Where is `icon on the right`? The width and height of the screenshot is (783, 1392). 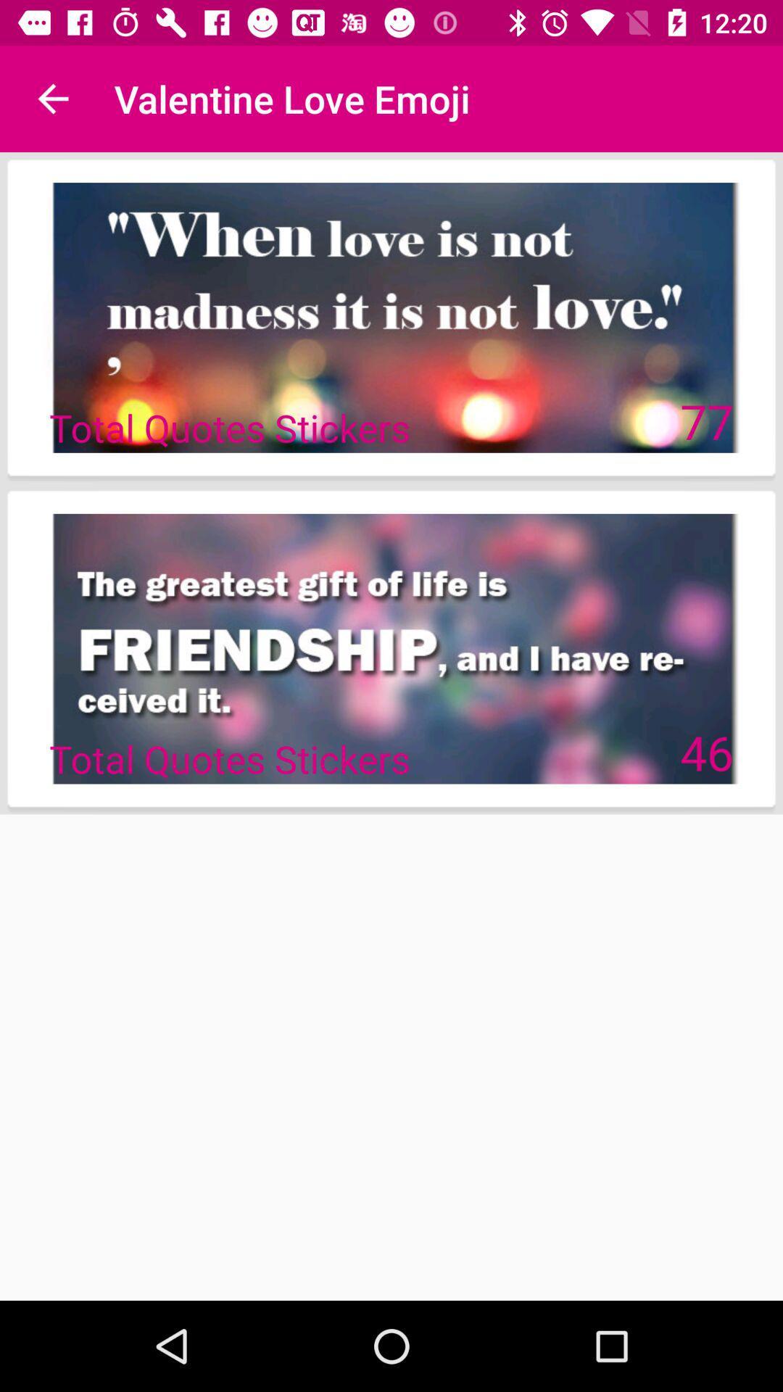
icon on the right is located at coordinates (706, 752).